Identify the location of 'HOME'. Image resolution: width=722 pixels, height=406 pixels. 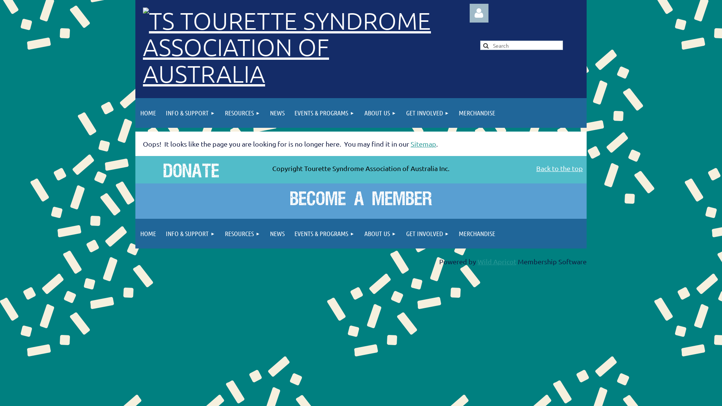
(148, 113).